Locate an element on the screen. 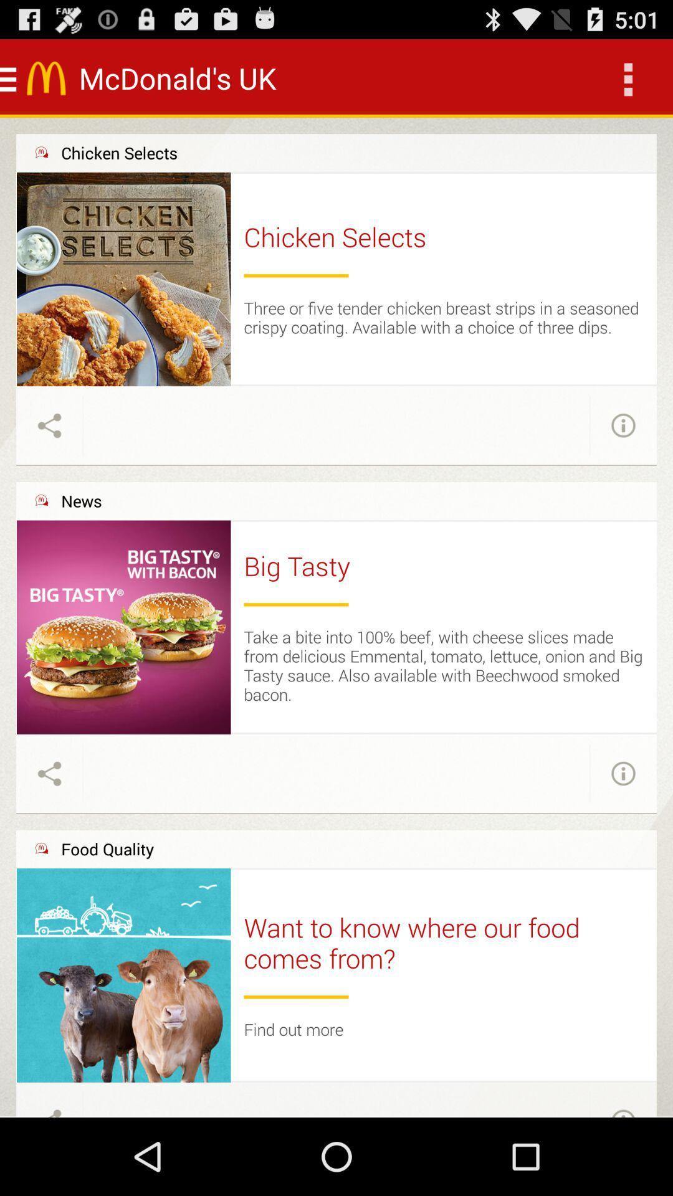 This screenshot has height=1196, width=673. the item above the three or five icon is located at coordinates (296, 275).